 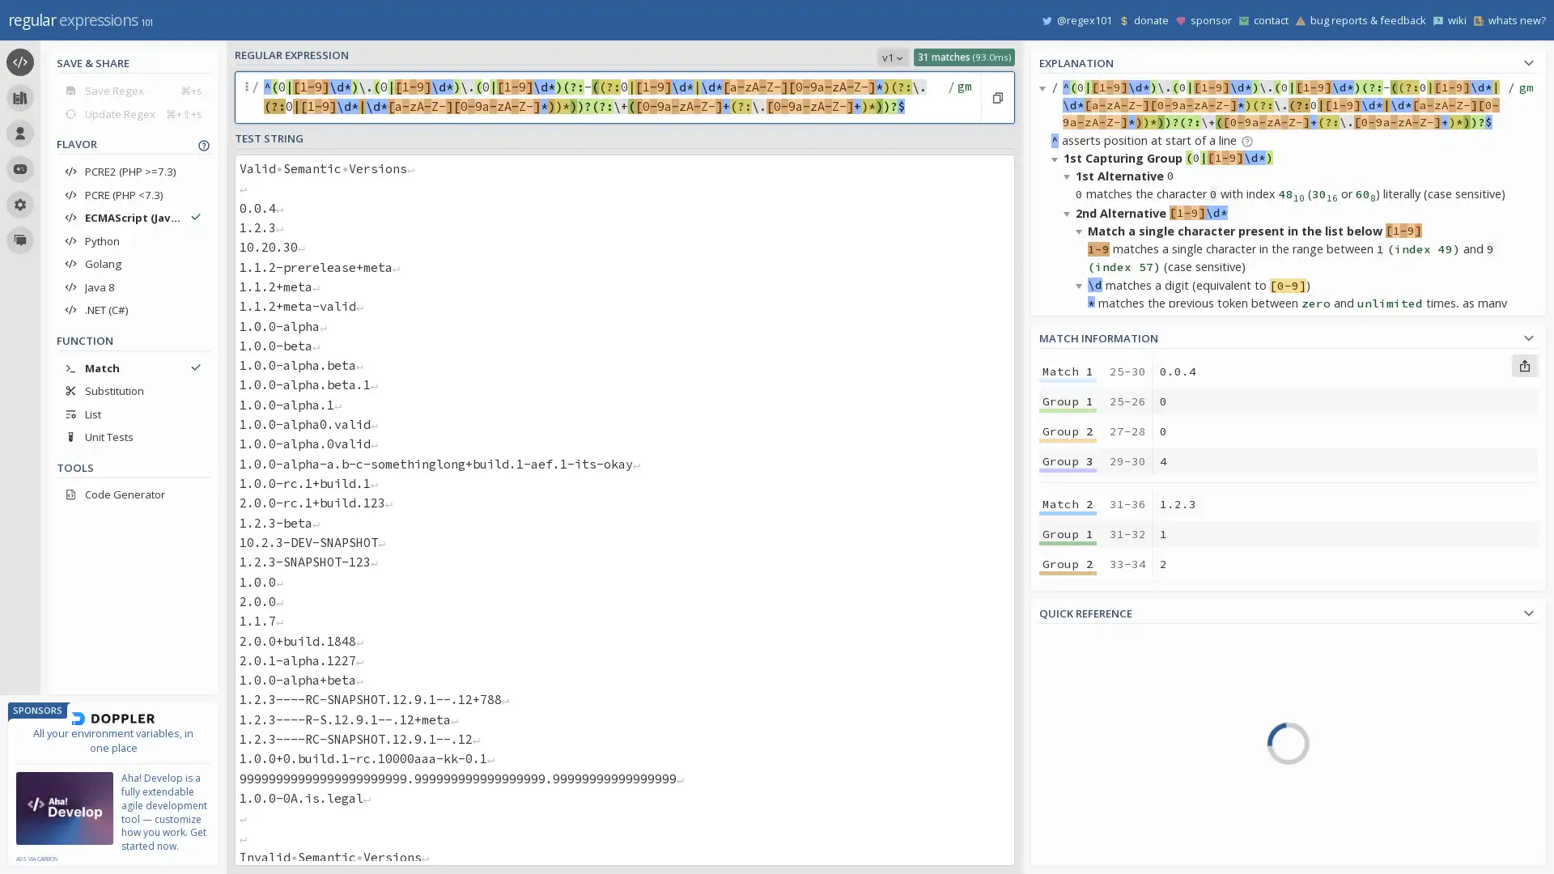 I want to click on Collapse Subtree, so click(x=1069, y=615).